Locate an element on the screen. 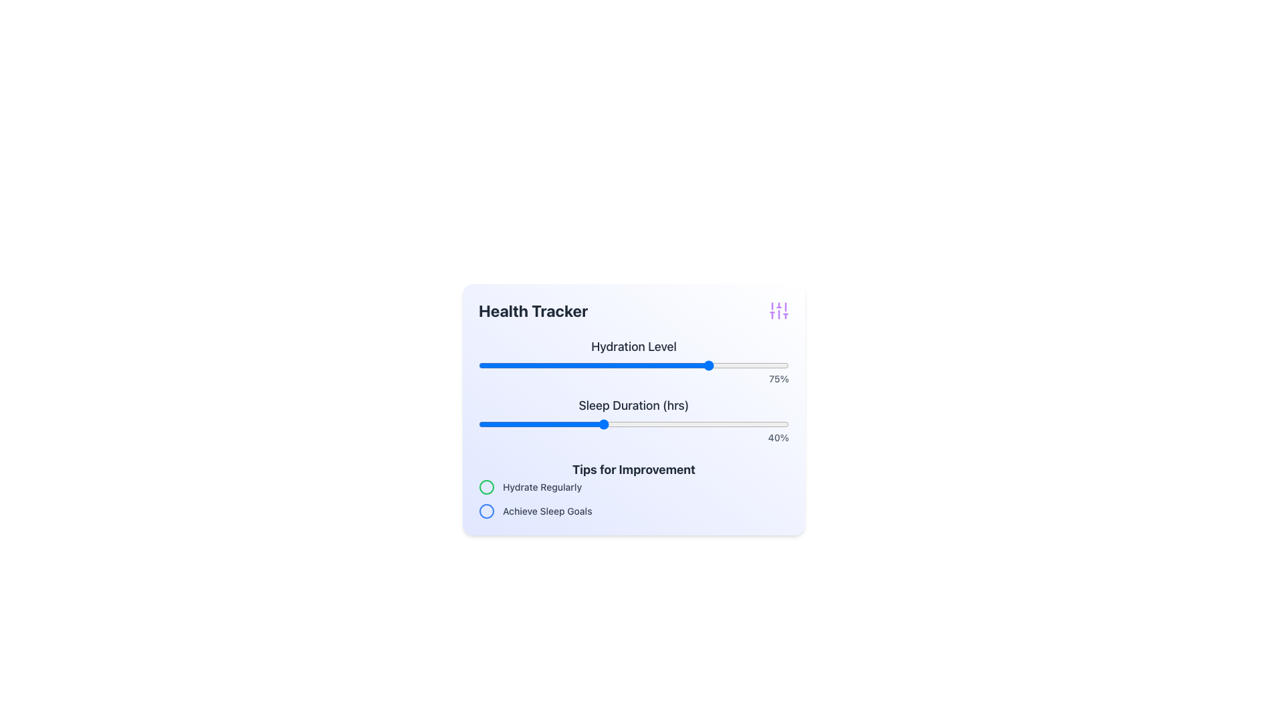 The height and width of the screenshot is (722, 1284). the text label displaying '40%' which is styled in a small font size, medium weight, and gray color, located to the right of the blue slider bar labeled 'Sleep Duration (hrs)', in the second section of the 'Health Tracker' interface is located at coordinates (633, 438).